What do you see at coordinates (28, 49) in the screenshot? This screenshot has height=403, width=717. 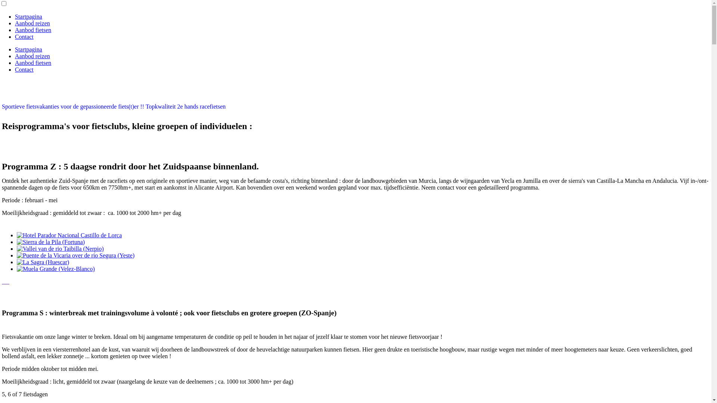 I see `'Startpagina'` at bounding box center [28, 49].